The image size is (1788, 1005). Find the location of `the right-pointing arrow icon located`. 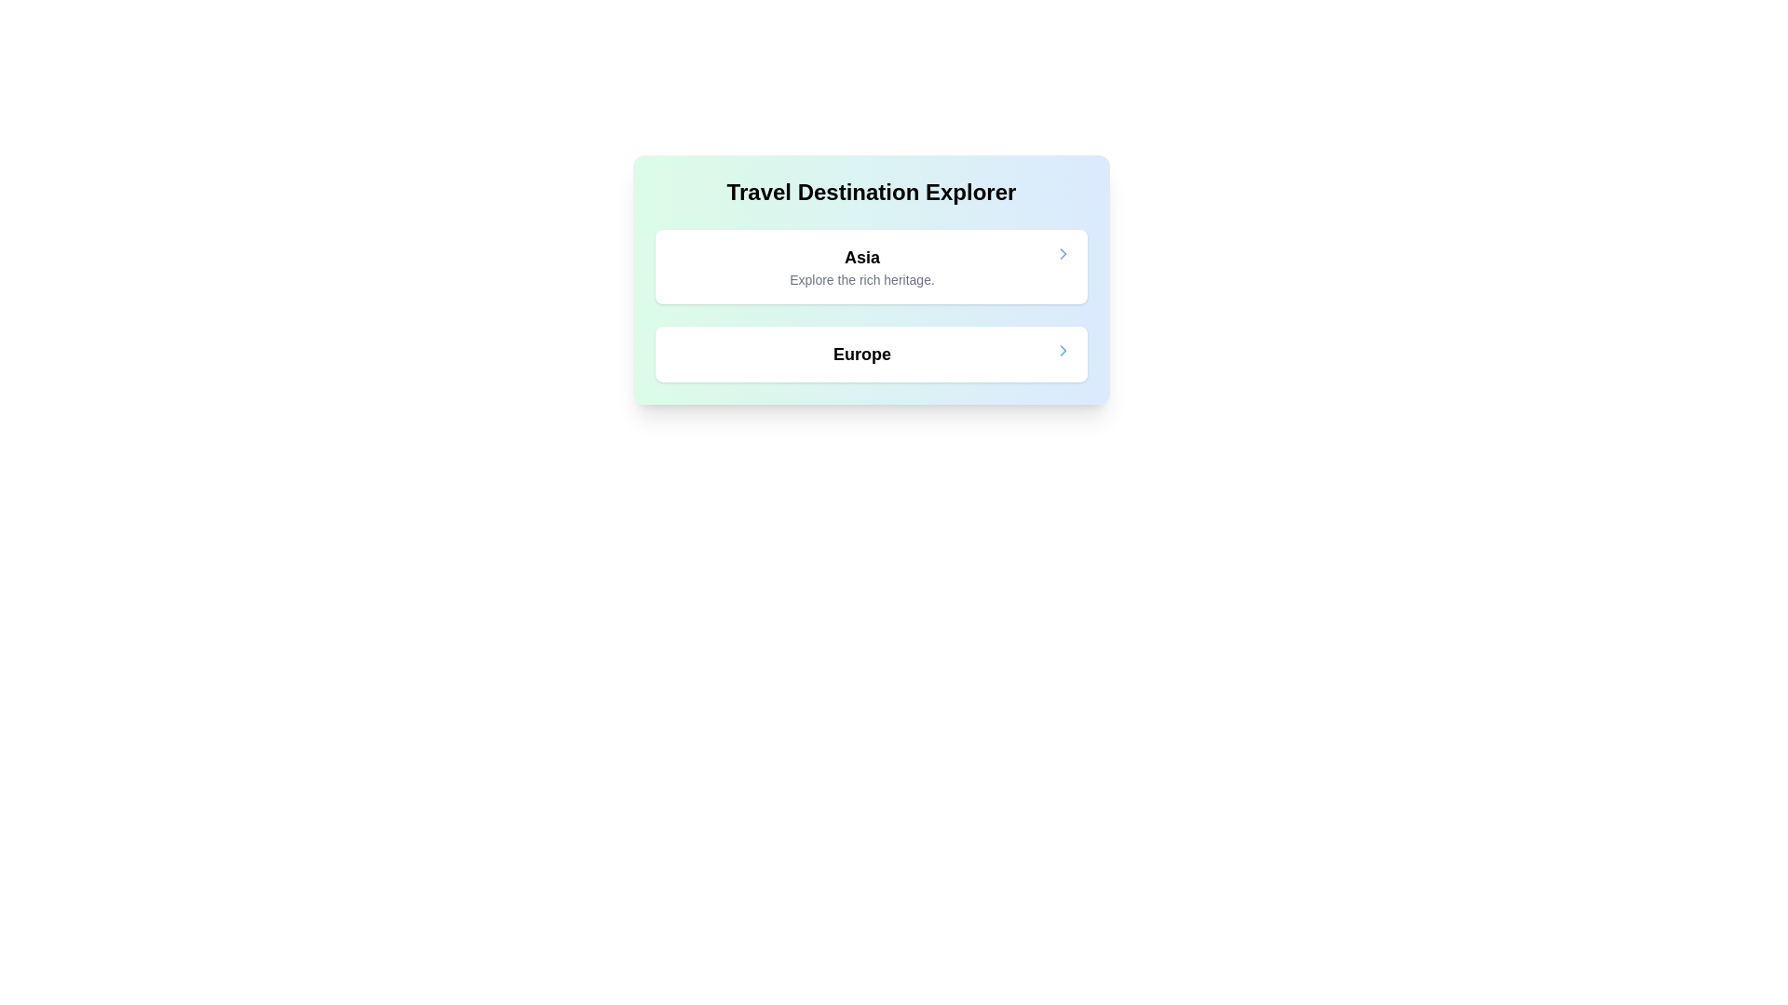

the right-pointing arrow icon located is located at coordinates (1063, 351).